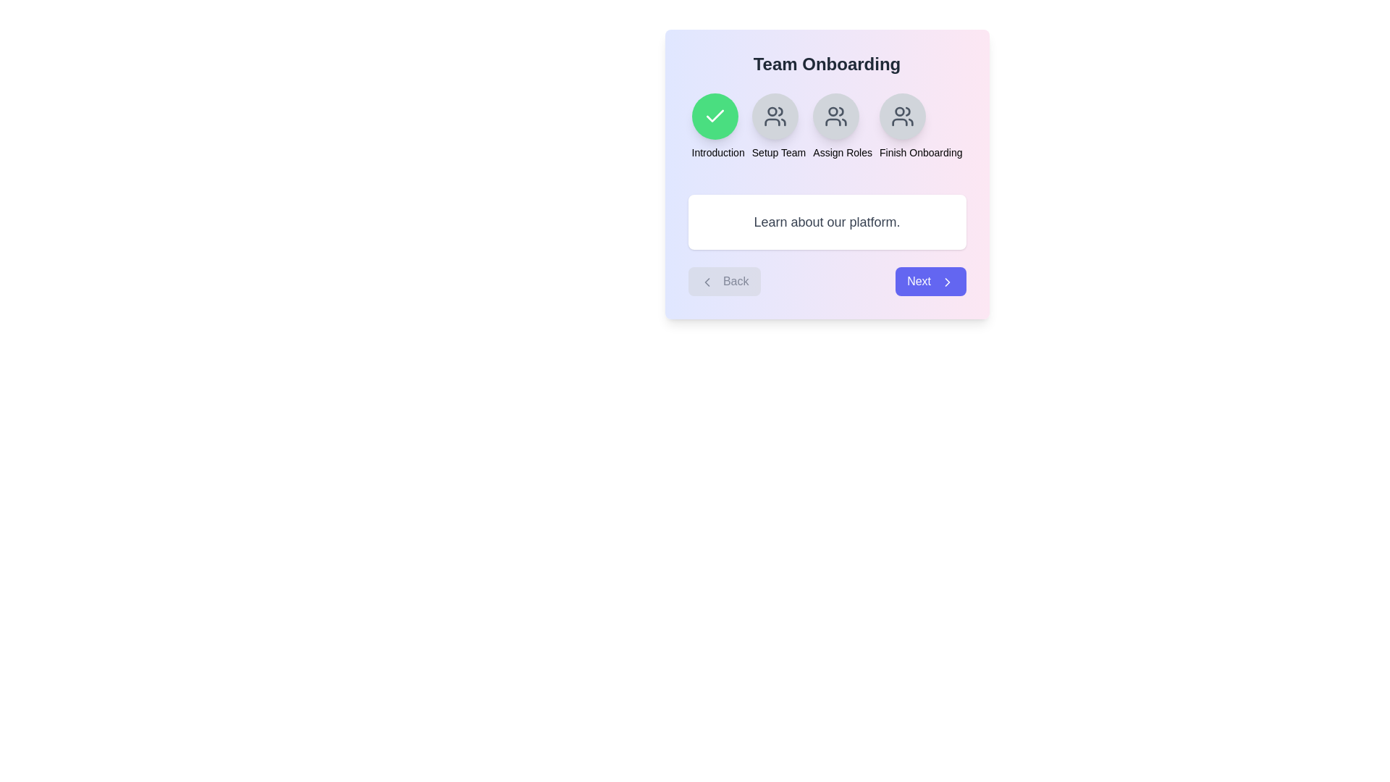 The image size is (1390, 782). What do you see at coordinates (724, 282) in the screenshot?
I see `the Back button to navigate the onboarding steps` at bounding box center [724, 282].